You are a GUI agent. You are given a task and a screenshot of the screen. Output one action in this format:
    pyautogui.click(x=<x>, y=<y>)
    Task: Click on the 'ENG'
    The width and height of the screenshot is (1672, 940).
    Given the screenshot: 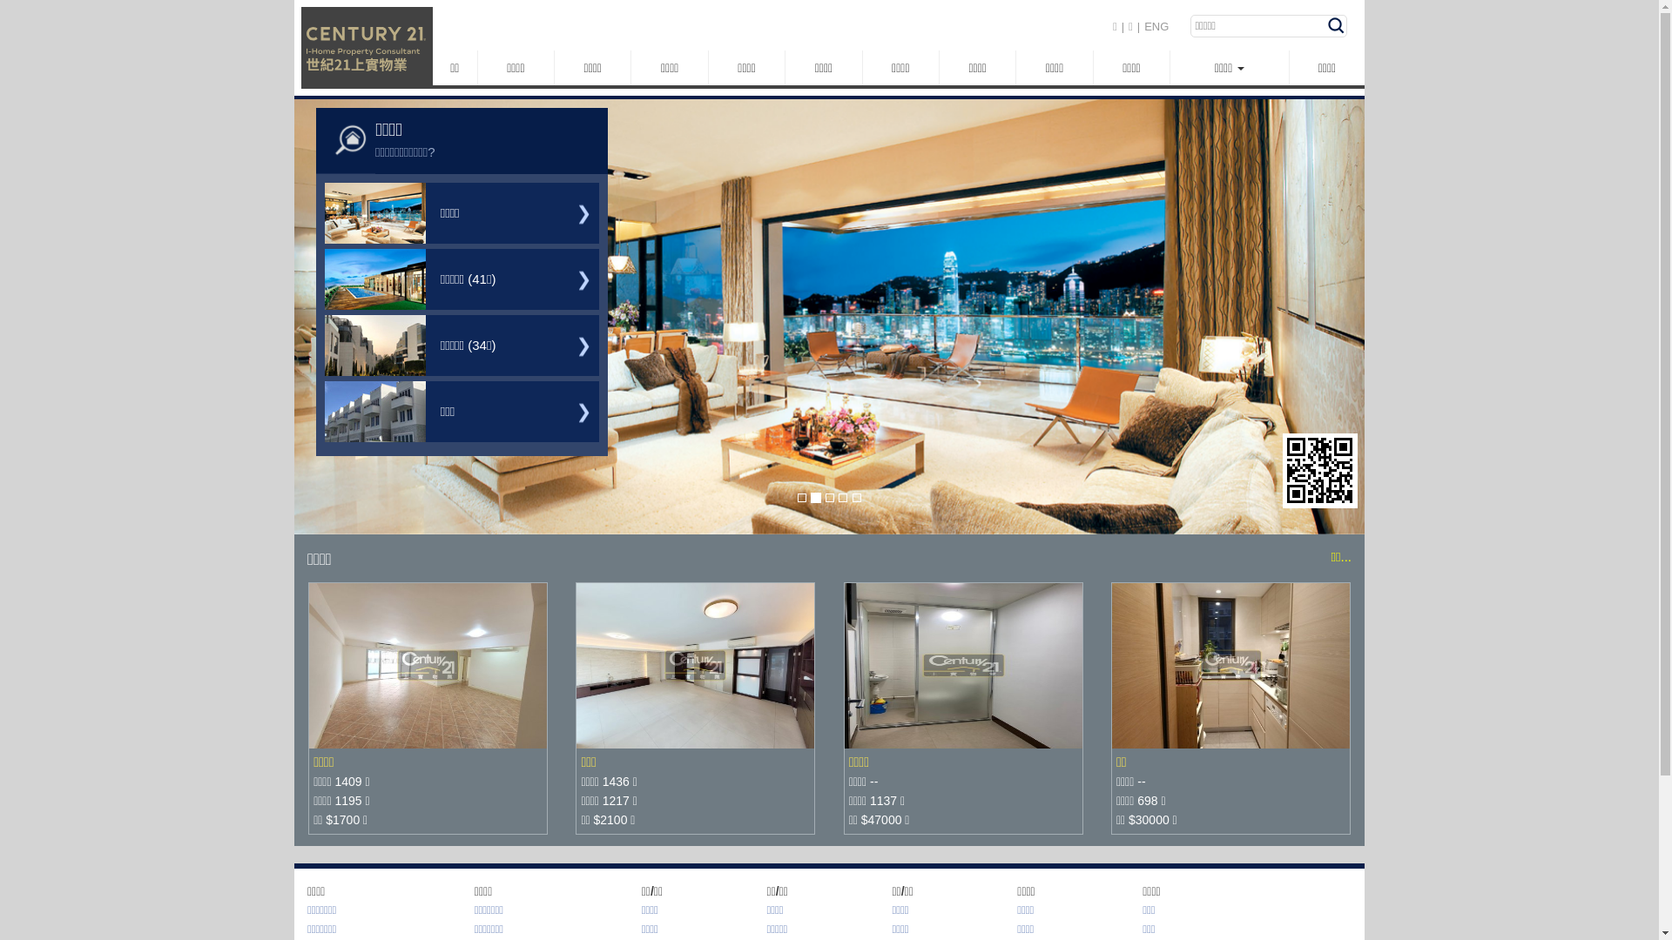 What is the action you would take?
    pyautogui.click(x=1144, y=26)
    